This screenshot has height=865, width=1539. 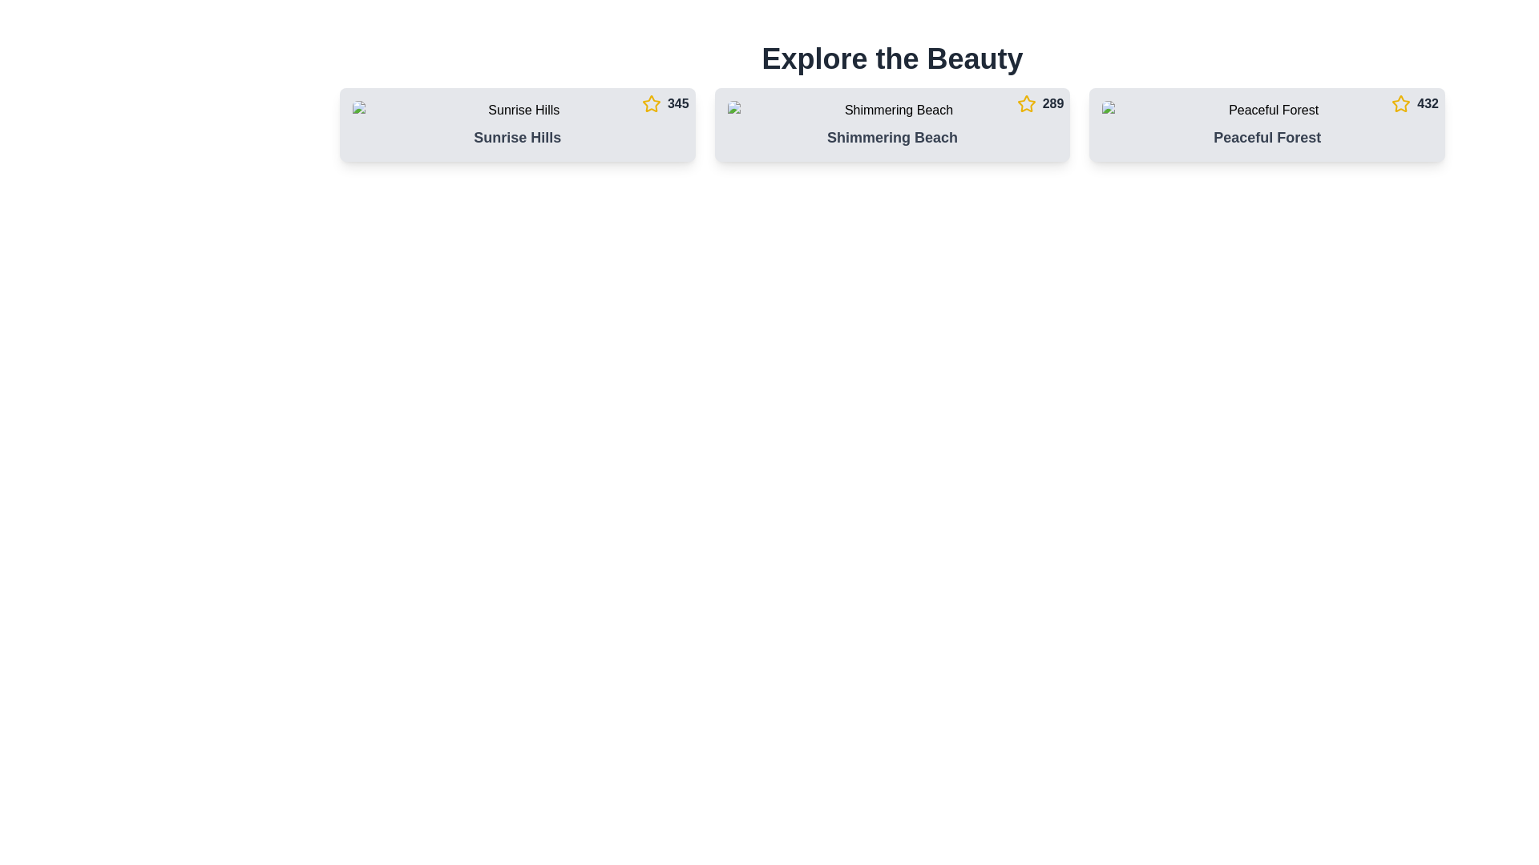 I want to click on the star-shaped icon with a yellow outline, indicating its state visually, so click(x=651, y=103).